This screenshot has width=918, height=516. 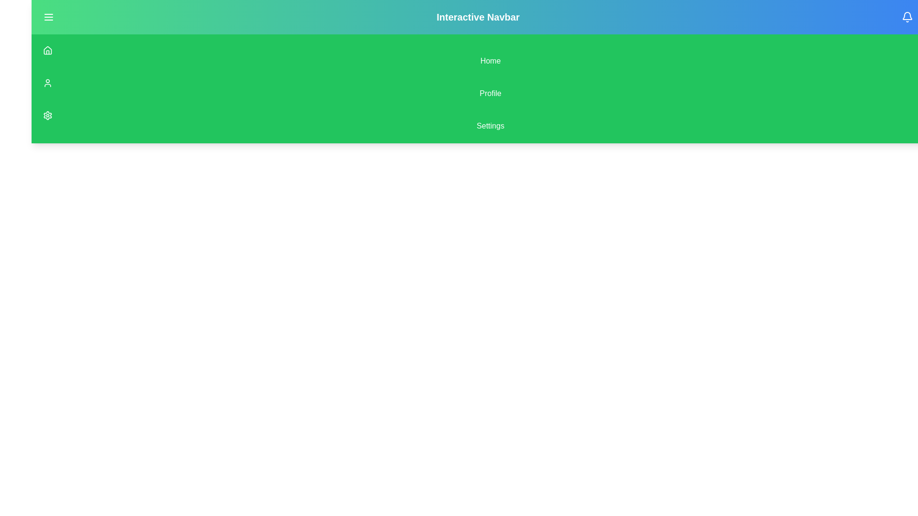 I want to click on the notification button located at the top right corner of the interface, so click(x=907, y=17).